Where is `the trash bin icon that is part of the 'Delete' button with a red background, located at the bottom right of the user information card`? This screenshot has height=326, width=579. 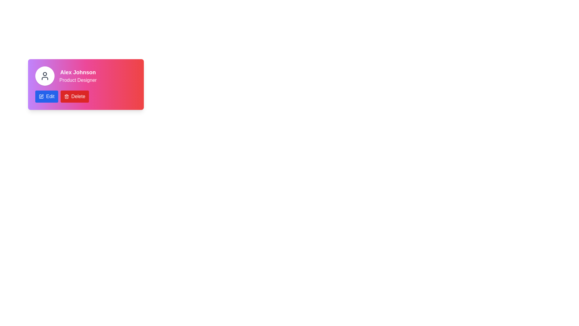 the trash bin icon that is part of the 'Delete' button with a red background, located at the bottom right of the user information card is located at coordinates (66, 96).